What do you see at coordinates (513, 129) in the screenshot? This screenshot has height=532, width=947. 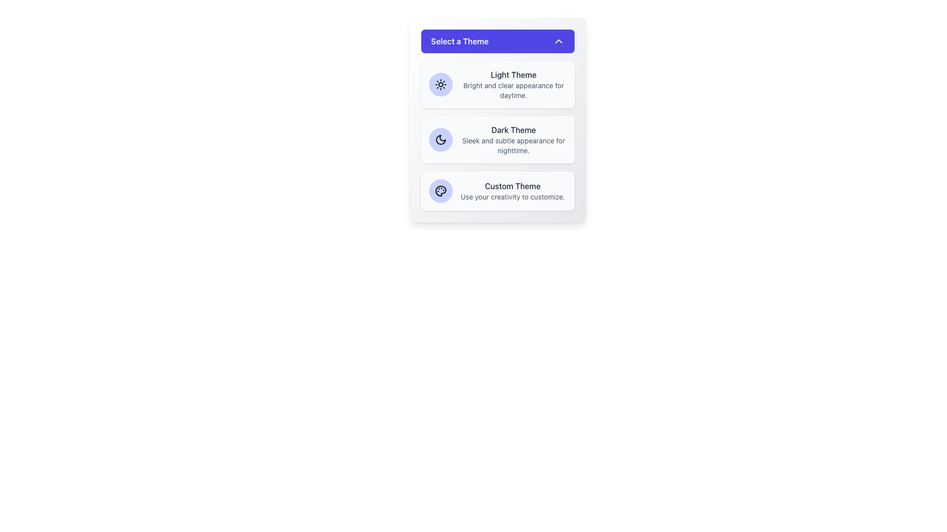 I see `the text element that serves as the title for the 'Dark Theme' option, located in the central section of the UI card, positioned below the 'Light Theme' and above the 'Custom Theme' sections` at bounding box center [513, 129].